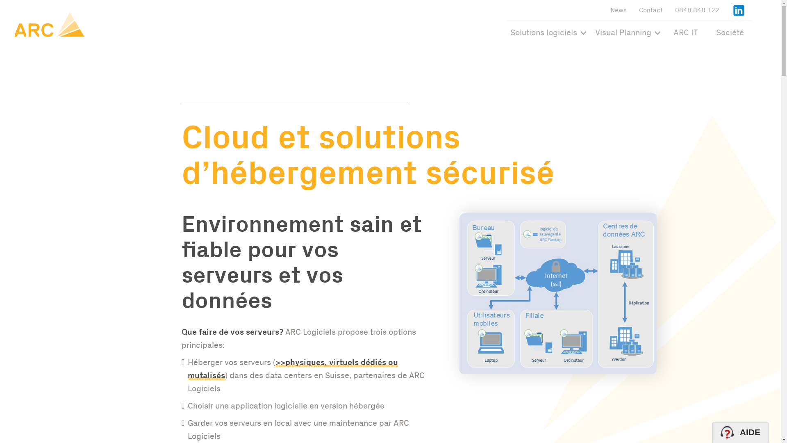 The width and height of the screenshot is (787, 443). What do you see at coordinates (651, 10) in the screenshot?
I see `'Contact'` at bounding box center [651, 10].